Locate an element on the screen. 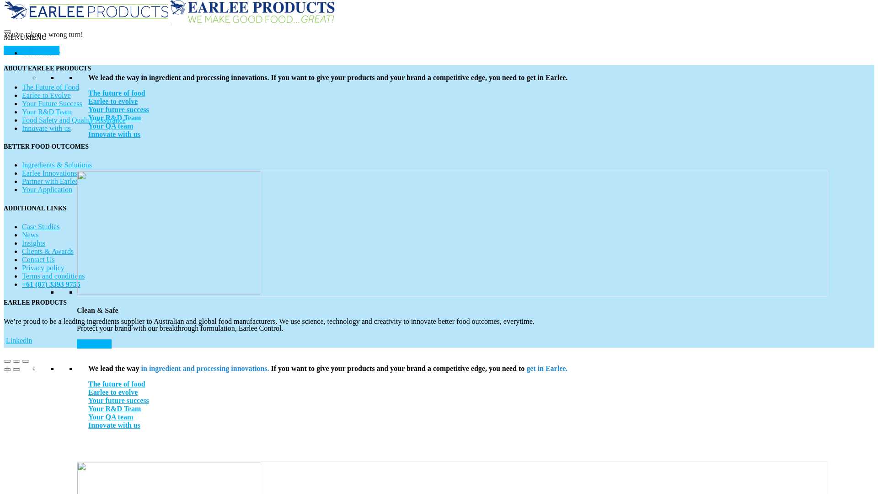 This screenshot has width=878, height=494. 'Food Safety and Quality Assurance' is located at coordinates (74, 119).